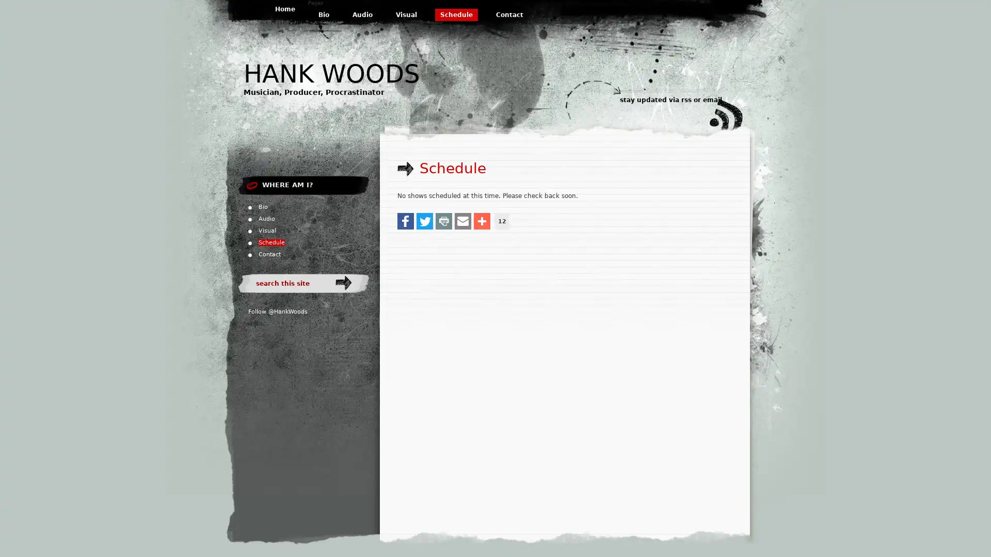  I want to click on Share to Email, so click(462, 220).